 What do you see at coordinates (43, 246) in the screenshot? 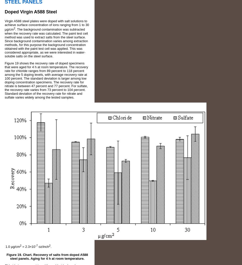
I see `'oz/inch'` at bounding box center [43, 246].